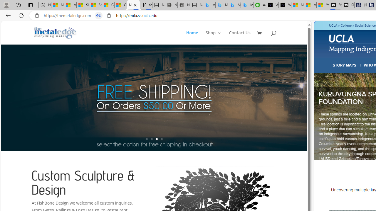 The height and width of the screenshot is (211, 376). I want to click on 'Streaming Coverage | T3', so click(335, 5).